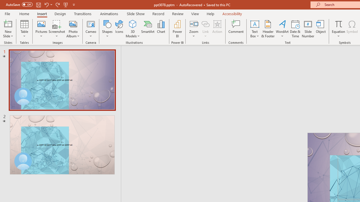  I want to click on 'Slide Number', so click(308, 29).